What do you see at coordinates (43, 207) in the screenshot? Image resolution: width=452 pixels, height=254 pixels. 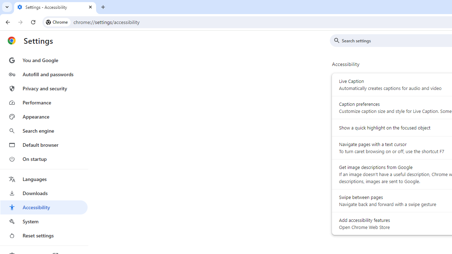 I see `'Accessibility'` at bounding box center [43, 207].